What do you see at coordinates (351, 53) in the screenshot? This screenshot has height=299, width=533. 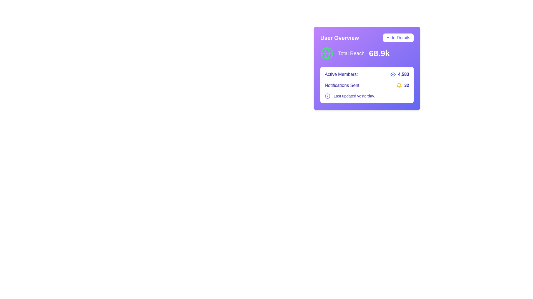 I see `the 'Total Reach' label element, which displays the text in a larger font size with a purple background and white text color, positioned within the 'User Overview' panel and aligned to the left of the '68.9k' text` at bounding box center [351, 53].